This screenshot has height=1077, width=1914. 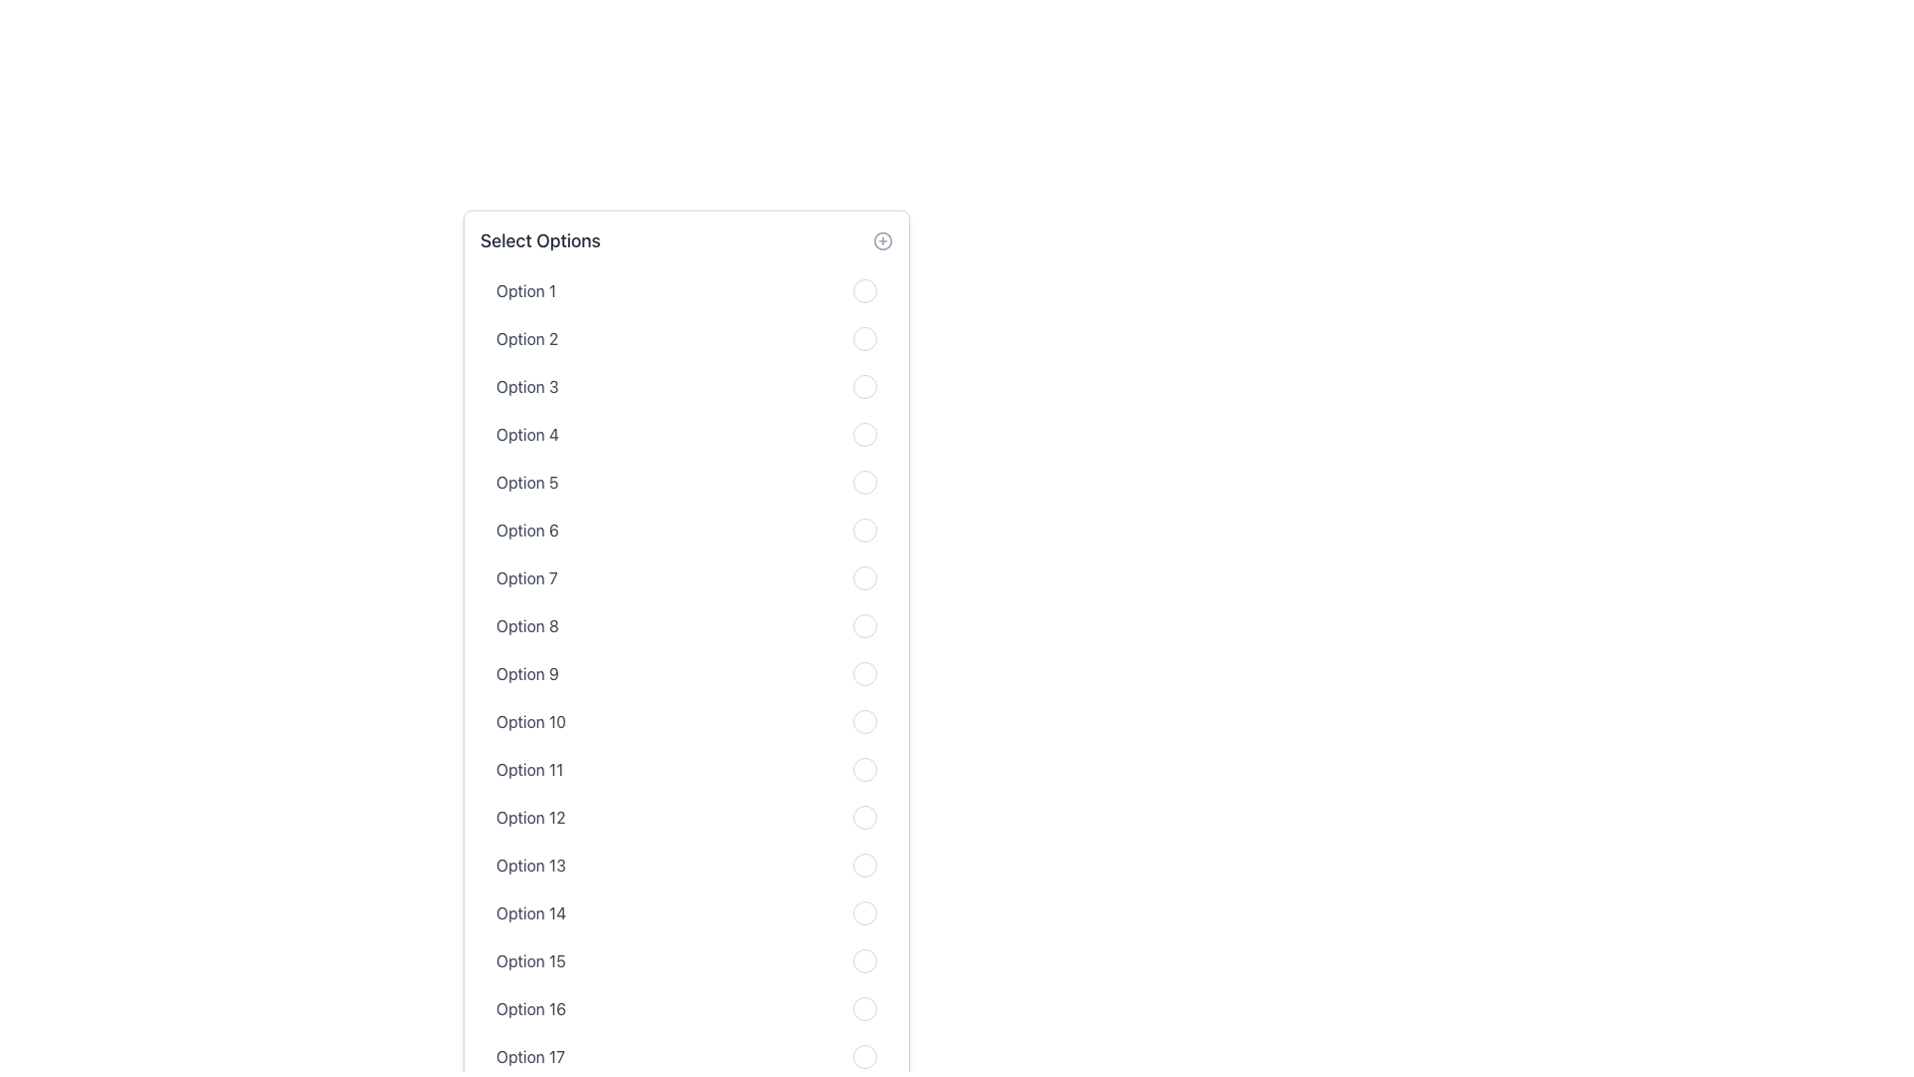 I want to click on the radio button corresponding to 'Option 10', so click(x=865, y=722).